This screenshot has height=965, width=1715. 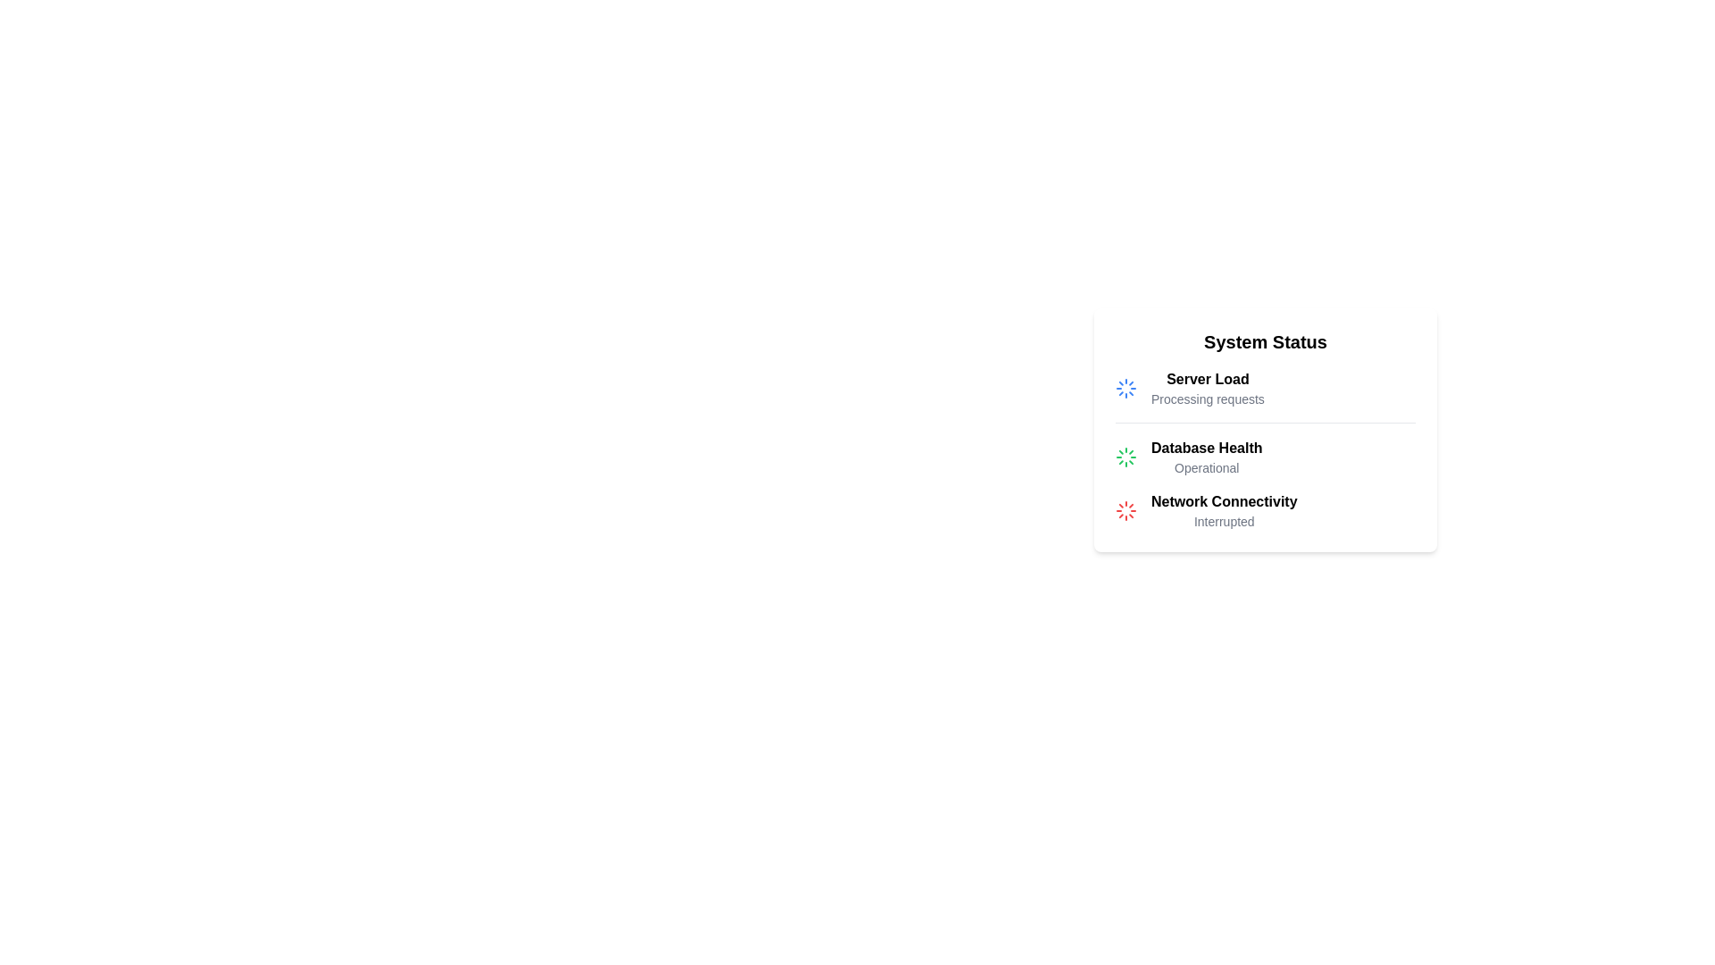 I want to click on the spinning blue loader icon located on the leftmost portion of the 'Server Load' section within the 'System Status' card, which indicates activity in progress, so click(x=1125, y=388).